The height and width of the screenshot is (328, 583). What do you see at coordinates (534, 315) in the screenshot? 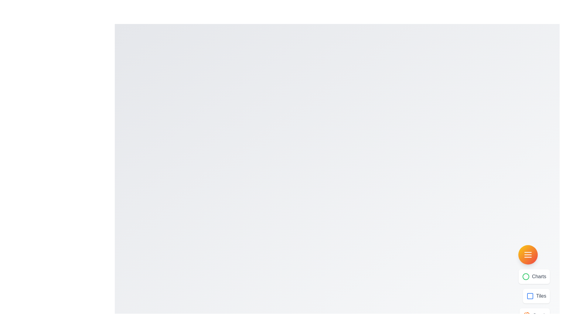
I see `the menu option labeled Graph` at bounding box center [534, 315].